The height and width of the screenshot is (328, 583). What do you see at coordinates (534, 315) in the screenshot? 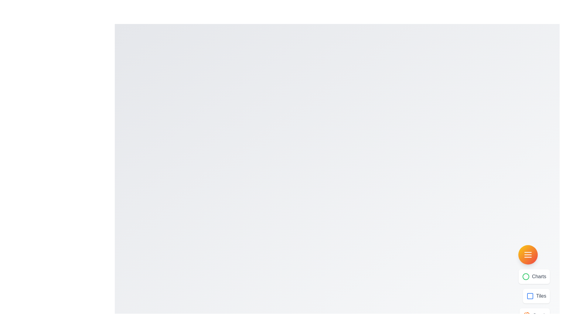
I see `the menu option labeled Graph` at bounding box center [534, 315].